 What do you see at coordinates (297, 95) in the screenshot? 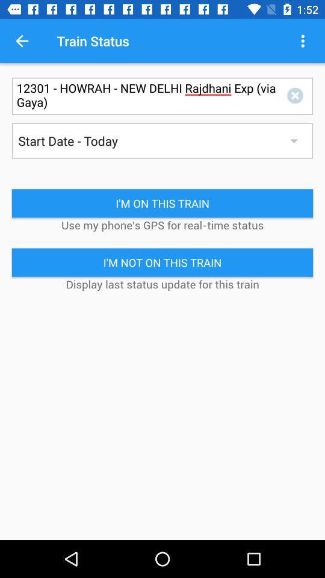
I see `delet train route` at bounding box center [297, 95].